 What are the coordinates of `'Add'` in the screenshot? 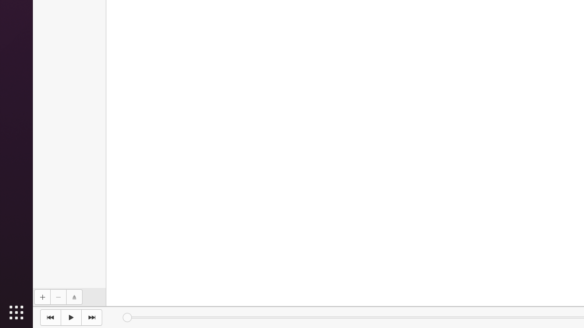 It's located at (42, 297).